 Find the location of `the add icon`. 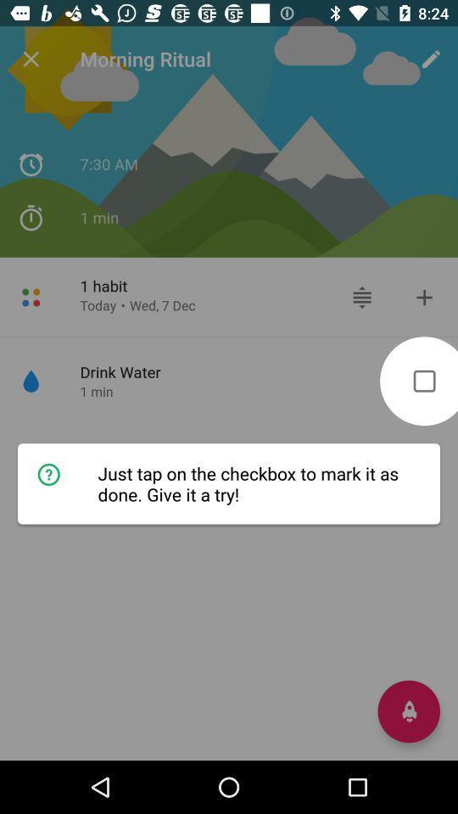

the add icon is located at coordinates (423, 297).